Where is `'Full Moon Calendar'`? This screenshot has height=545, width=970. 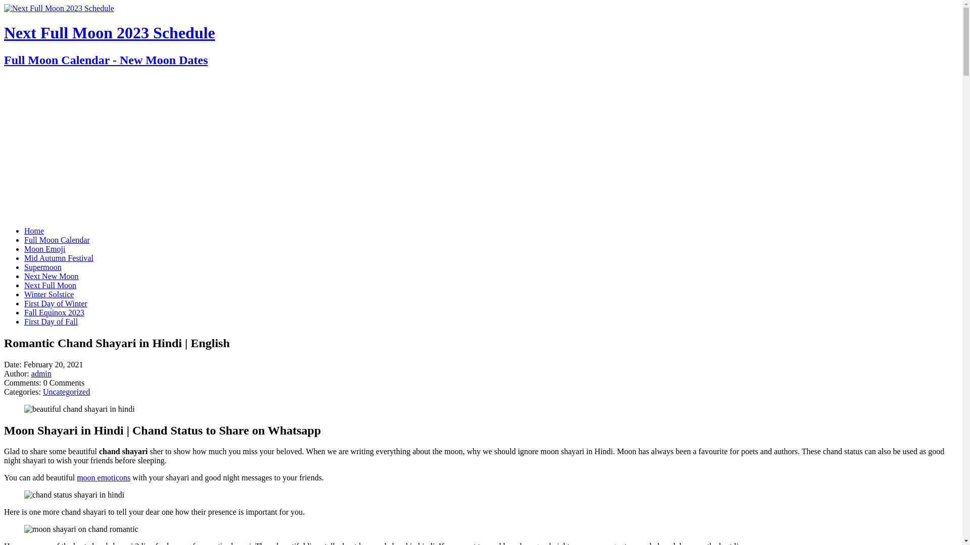
'Full Moon Calendar' is located at coordinates (57, 240).